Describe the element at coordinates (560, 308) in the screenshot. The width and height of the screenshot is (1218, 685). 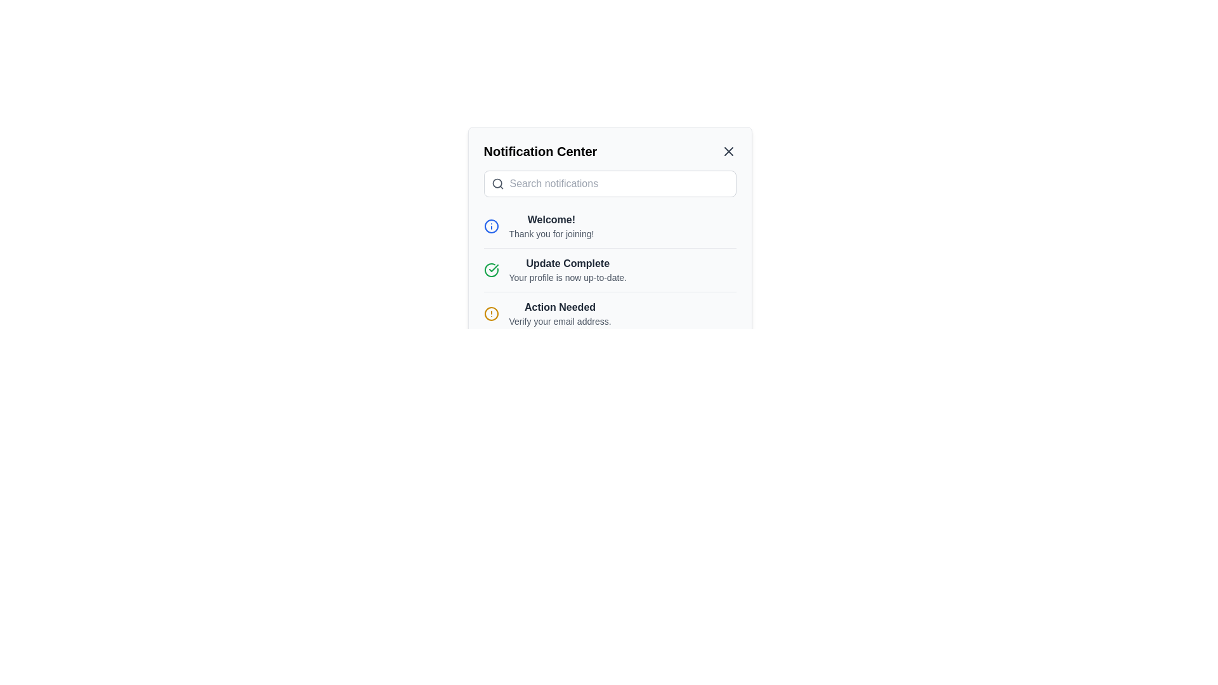
I see `prominent warning label text that states 'Action Needed', which is bold and dark gray, located in the notification center's third row` at that location.